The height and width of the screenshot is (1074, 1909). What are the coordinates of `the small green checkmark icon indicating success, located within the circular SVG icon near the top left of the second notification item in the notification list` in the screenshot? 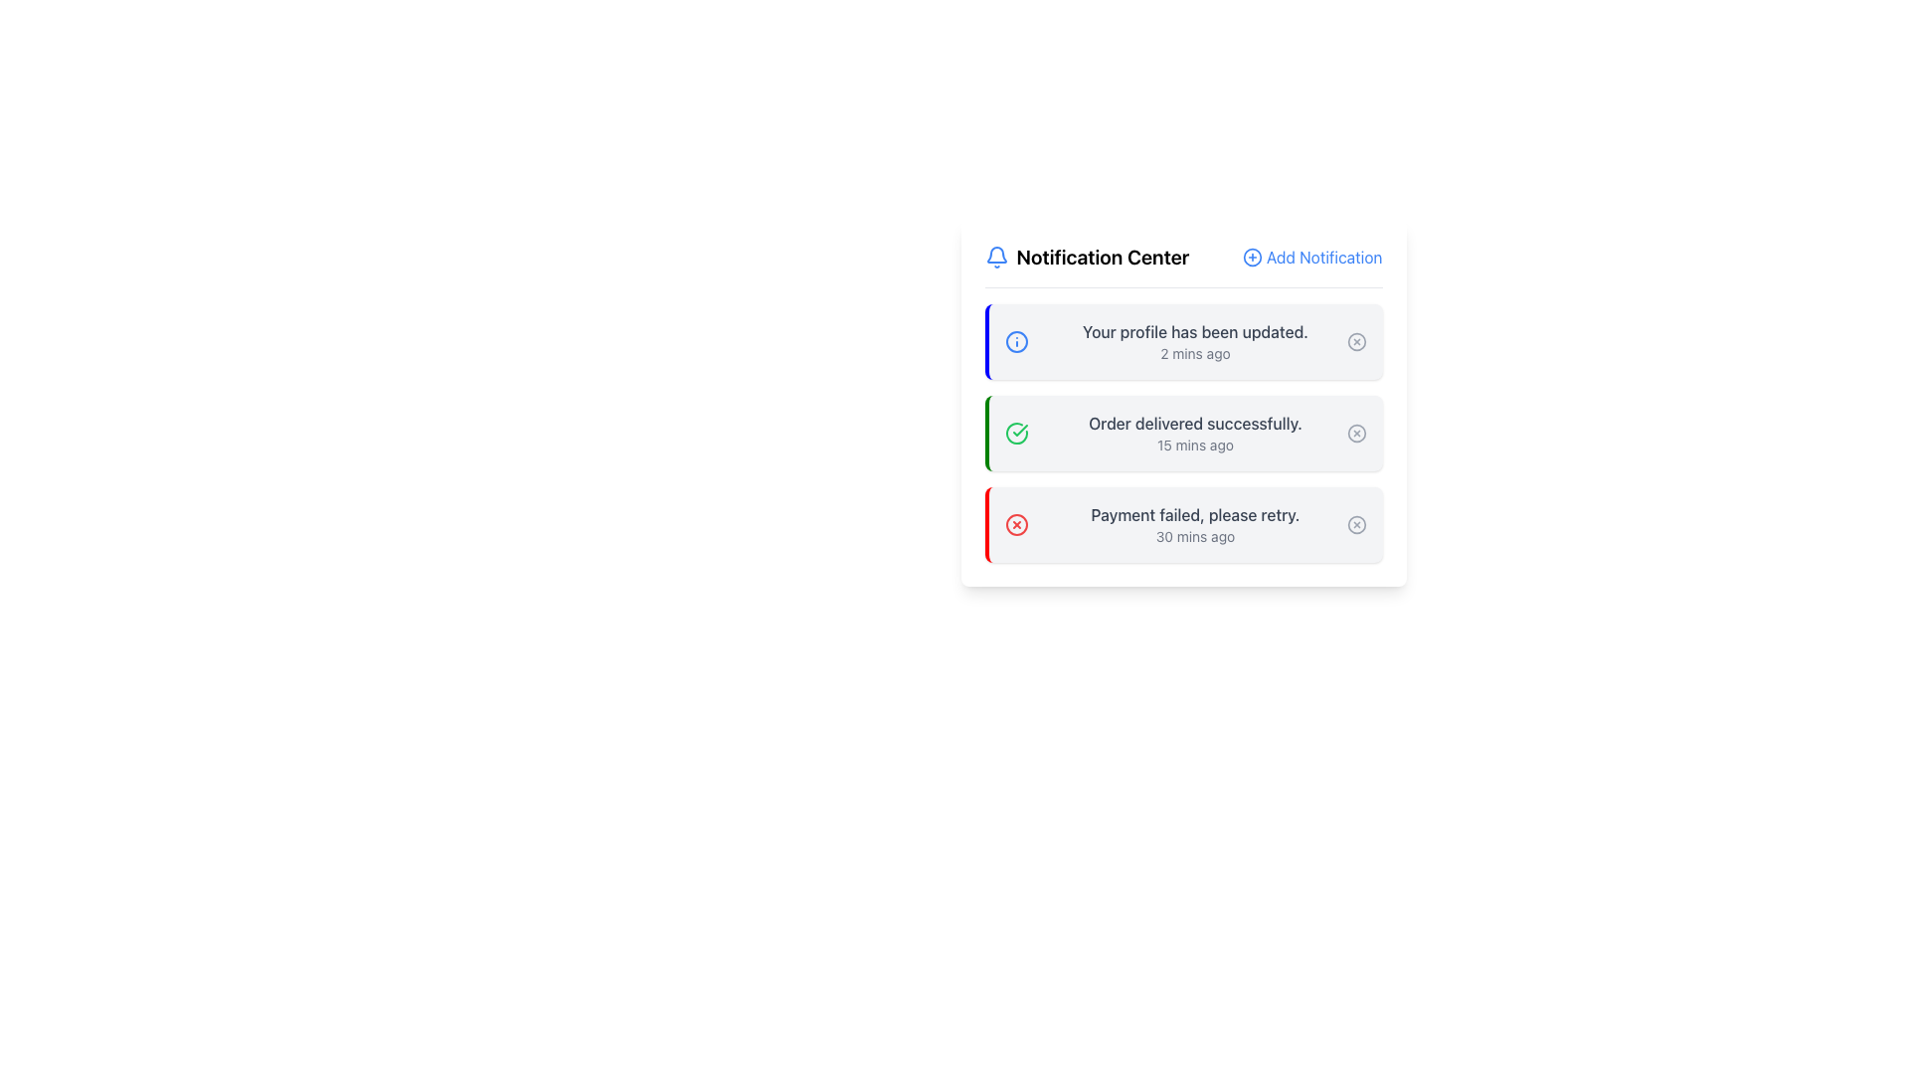 It's located at (1020, 429).